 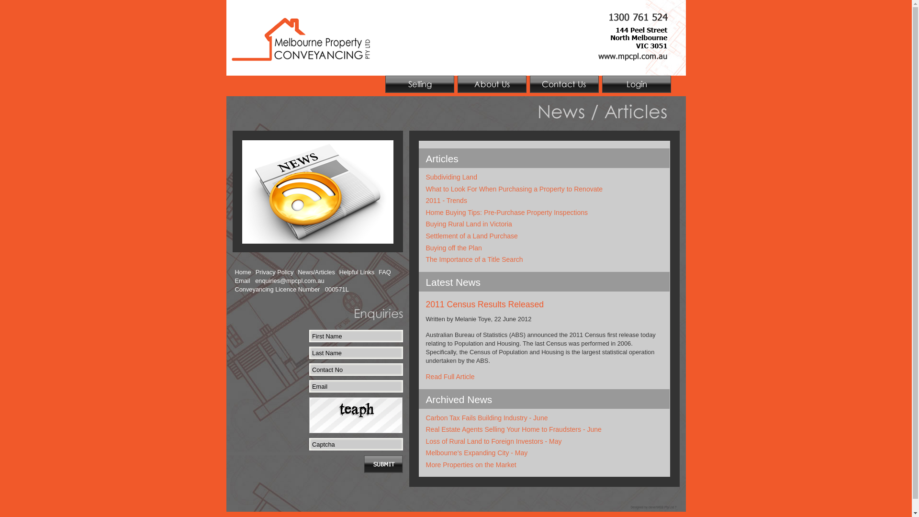 I want to click on 'What to Look For When Purchasing a Property to Renovate', so click(x=514, y=189).